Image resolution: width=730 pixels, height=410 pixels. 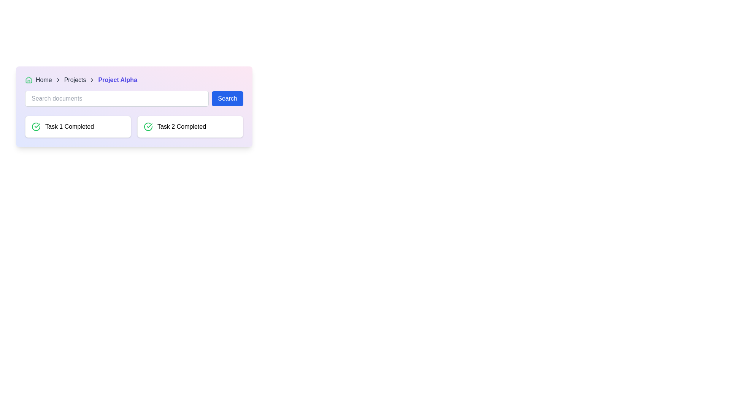 I want to click on the 'Search' button, which is a rectangular button with rounded corners, blue background, and white text, to initiate a search, so click(x=227, y=98).